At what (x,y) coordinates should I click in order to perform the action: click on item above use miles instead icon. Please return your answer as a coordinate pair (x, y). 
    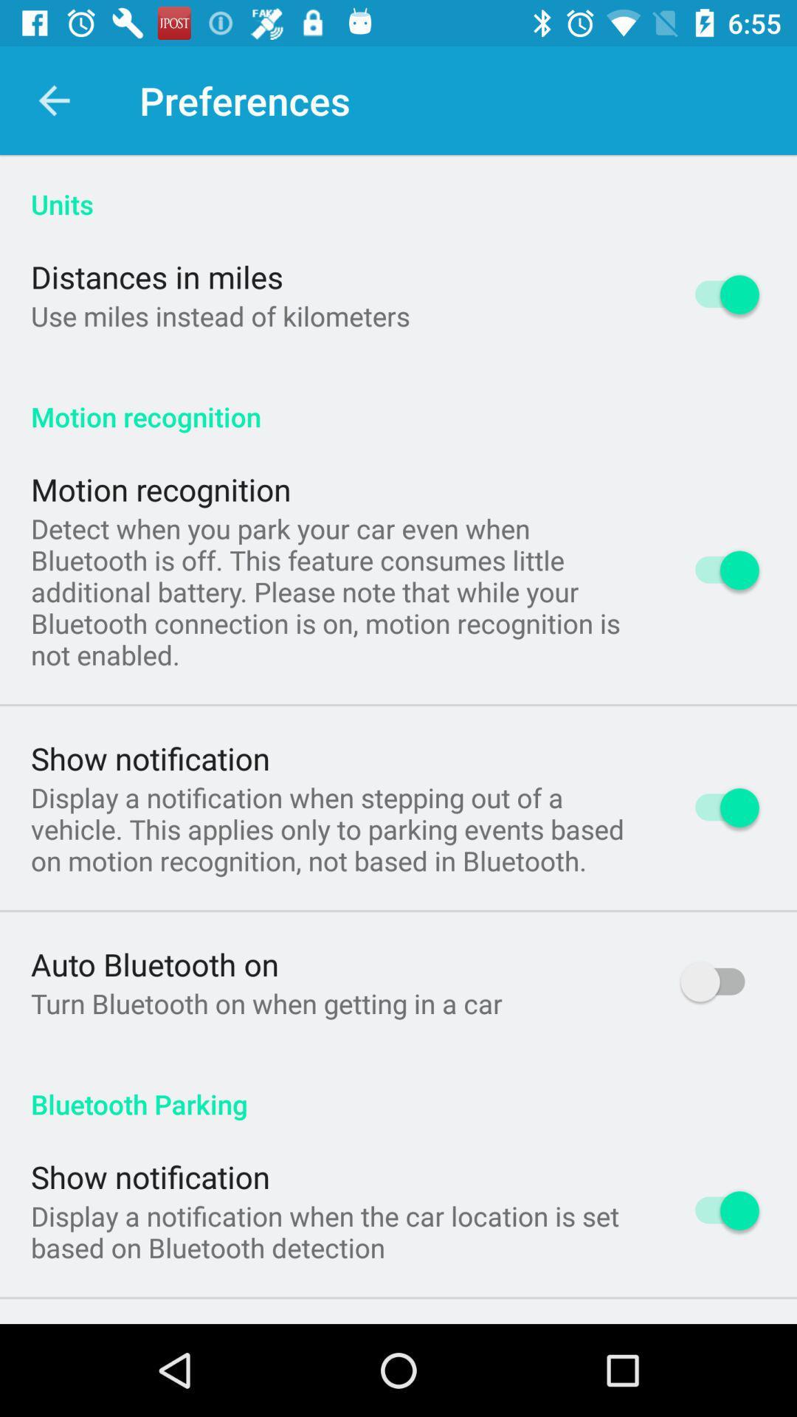
    Looking at the image, I should click on (156, 276).